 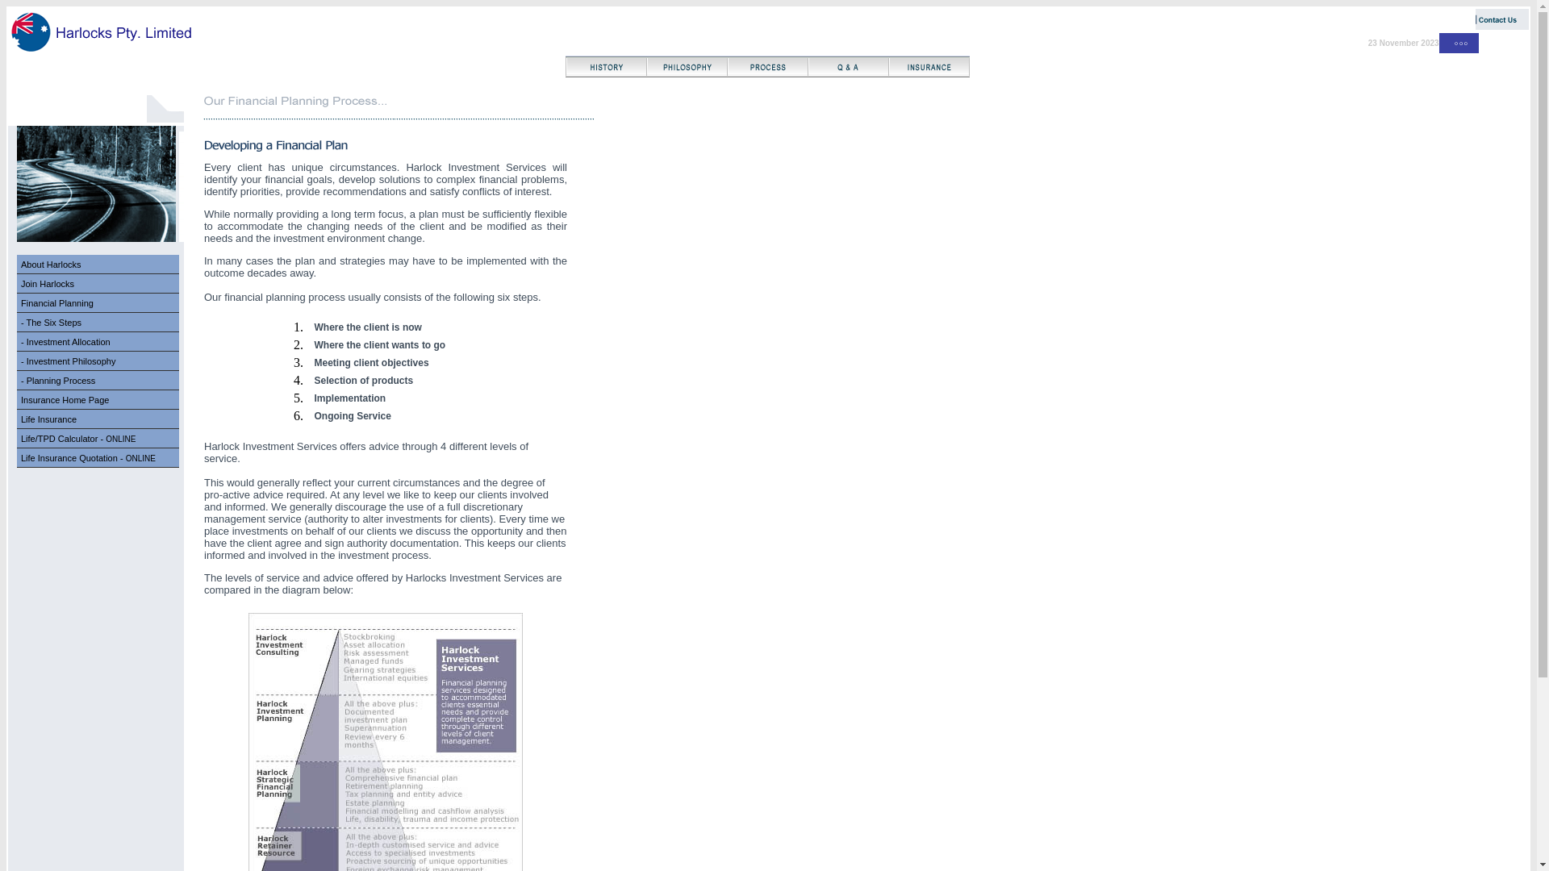 What do you see at coordinates (379, 344) in the screenshot?
I see `'Where the client wants to go'` at bounding box center [379, 344].